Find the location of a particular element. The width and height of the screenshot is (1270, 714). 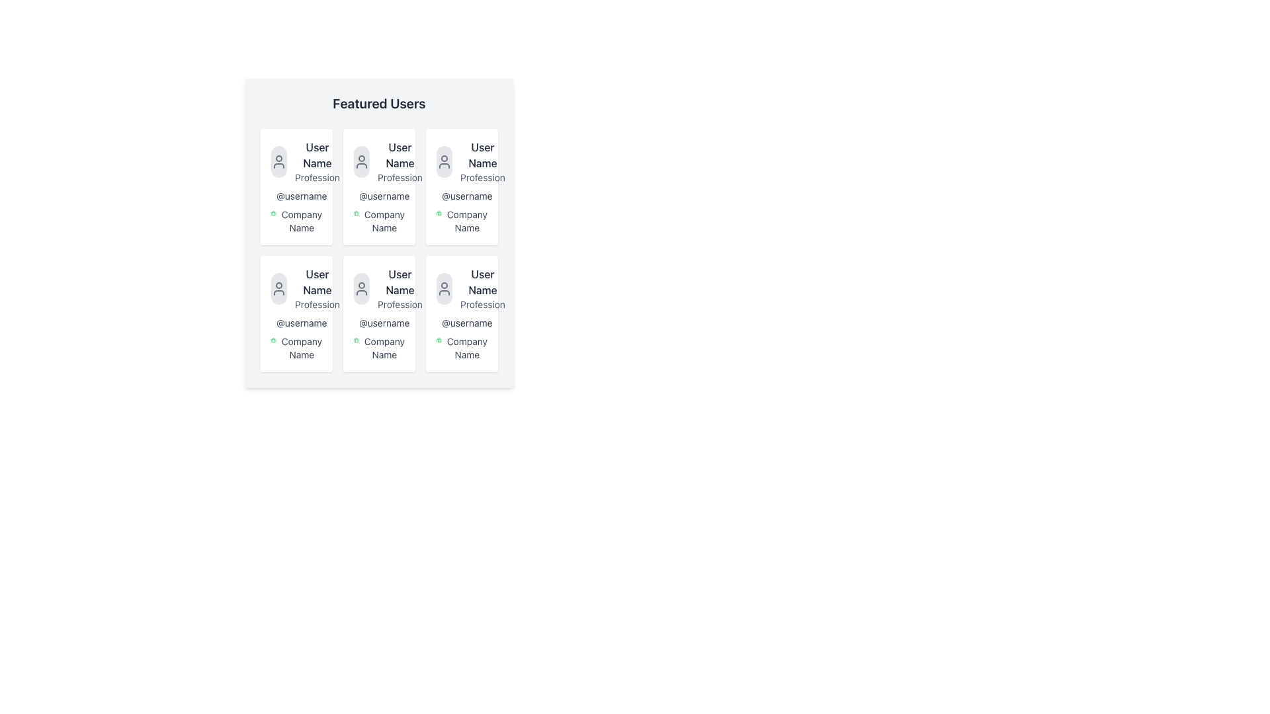

the user profile card located in the third column and first row of the grid layout to enable further interactions is located at coordinates (462, 186).